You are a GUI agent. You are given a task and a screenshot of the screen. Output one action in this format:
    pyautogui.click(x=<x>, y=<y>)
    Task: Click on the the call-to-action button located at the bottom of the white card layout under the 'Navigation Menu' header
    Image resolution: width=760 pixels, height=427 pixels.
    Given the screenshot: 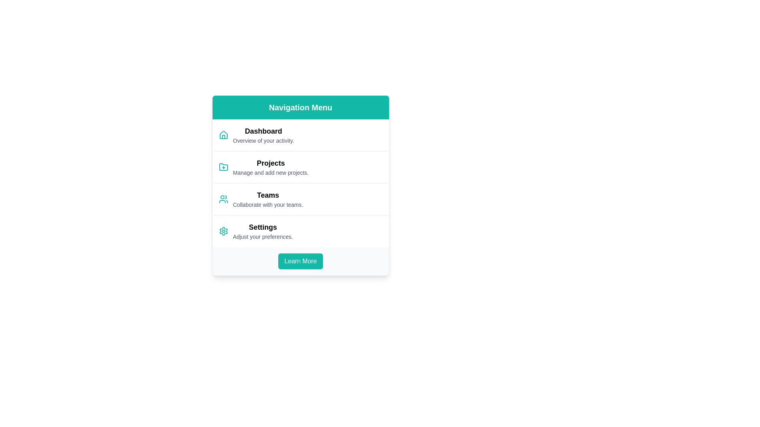 What is the action you would take?
    pyautogui.click(x=300, y=261)
    